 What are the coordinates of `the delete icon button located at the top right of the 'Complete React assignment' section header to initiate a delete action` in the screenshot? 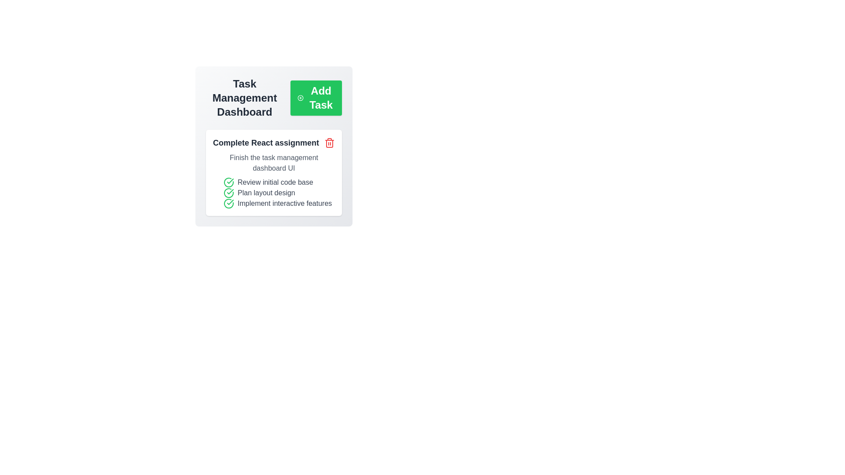 It's located at (329, 142).